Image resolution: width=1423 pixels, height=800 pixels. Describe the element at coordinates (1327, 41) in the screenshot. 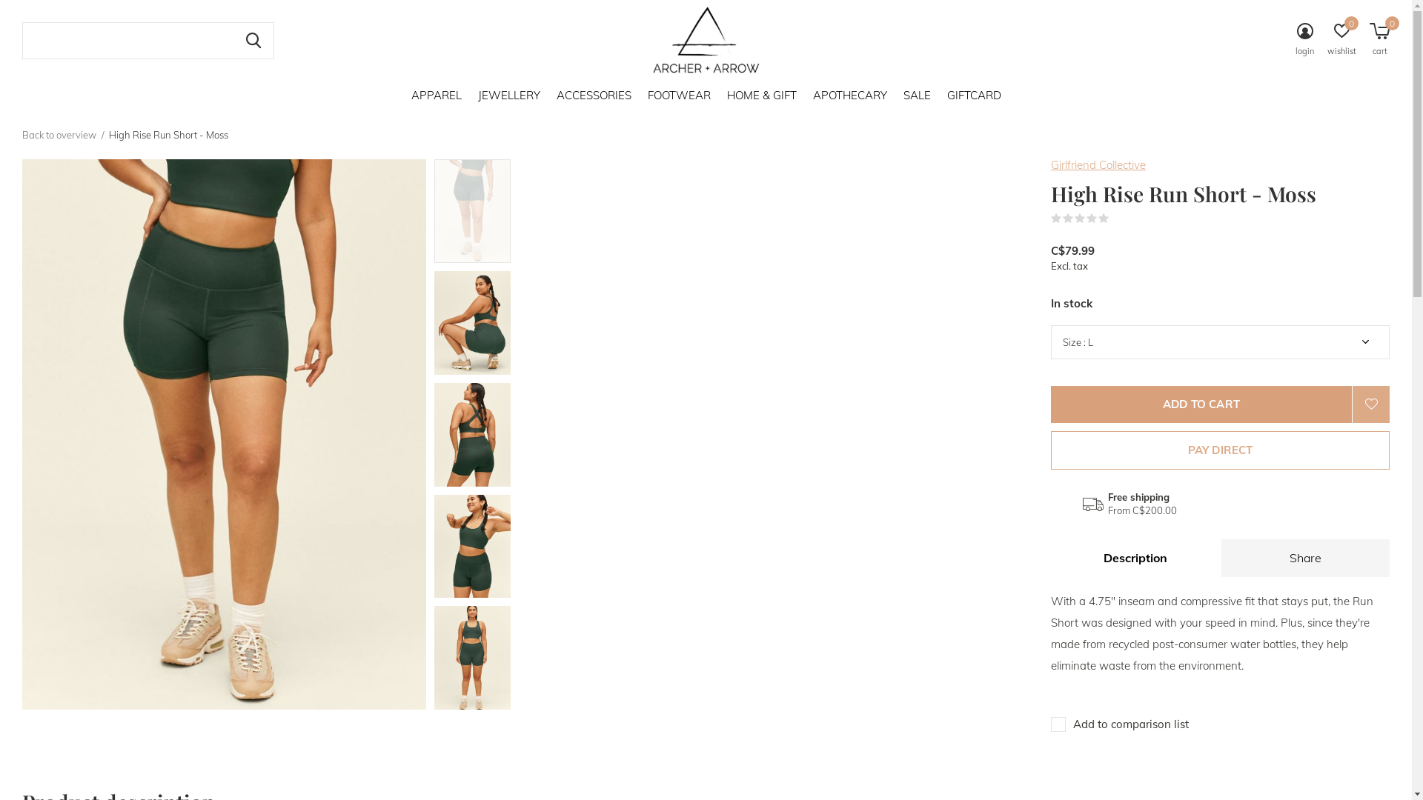

I see `'wishlist` at that location.